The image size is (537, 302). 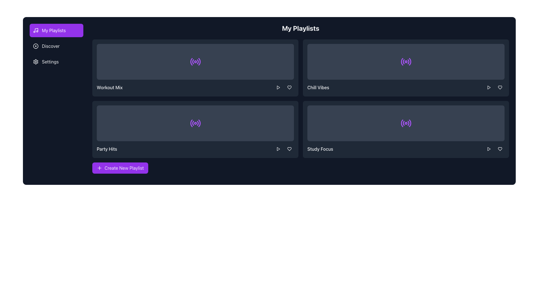 I want to click on the triangular play icon button located in the bottom right corner of the 'Party Hits' card to play media, so click(x=278, y=148).